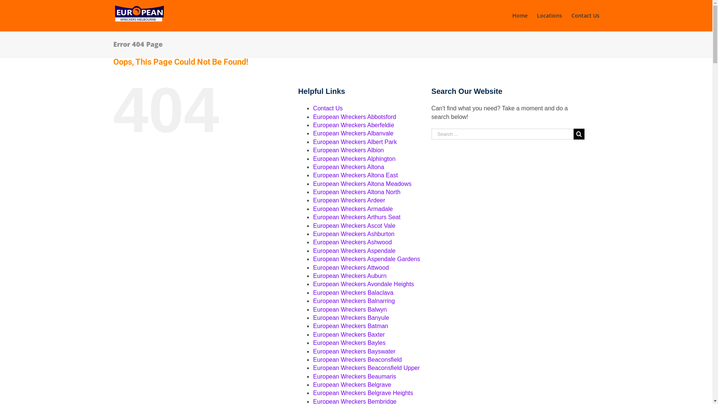 The width and height of the screenshot is (718, 404). I want to click on 'European Wreckers Banyule', so click(350, 318).